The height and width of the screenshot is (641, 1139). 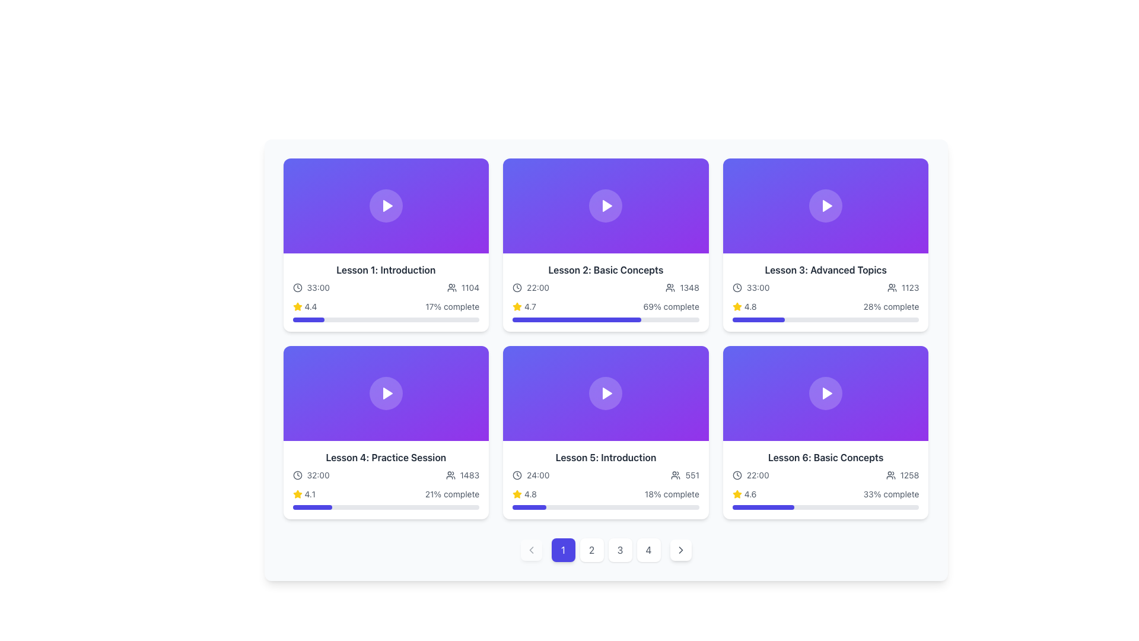 I want to click on the circular button with a triangular play icon at the center of the 'Lesson 5: Introduction' card to play the video, so click(x=606, y=394).